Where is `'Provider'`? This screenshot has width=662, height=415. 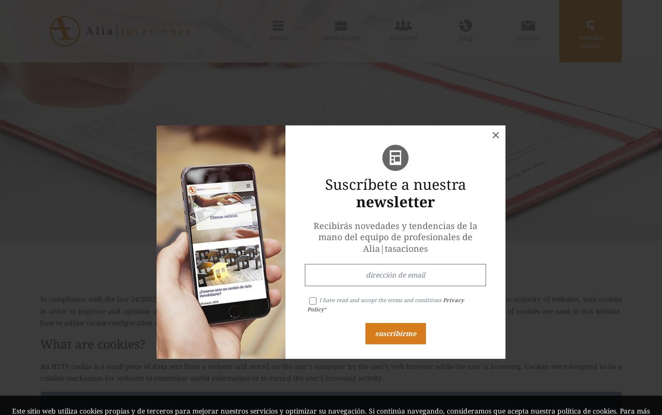
'Provider' is located at coordinates (493, 401).